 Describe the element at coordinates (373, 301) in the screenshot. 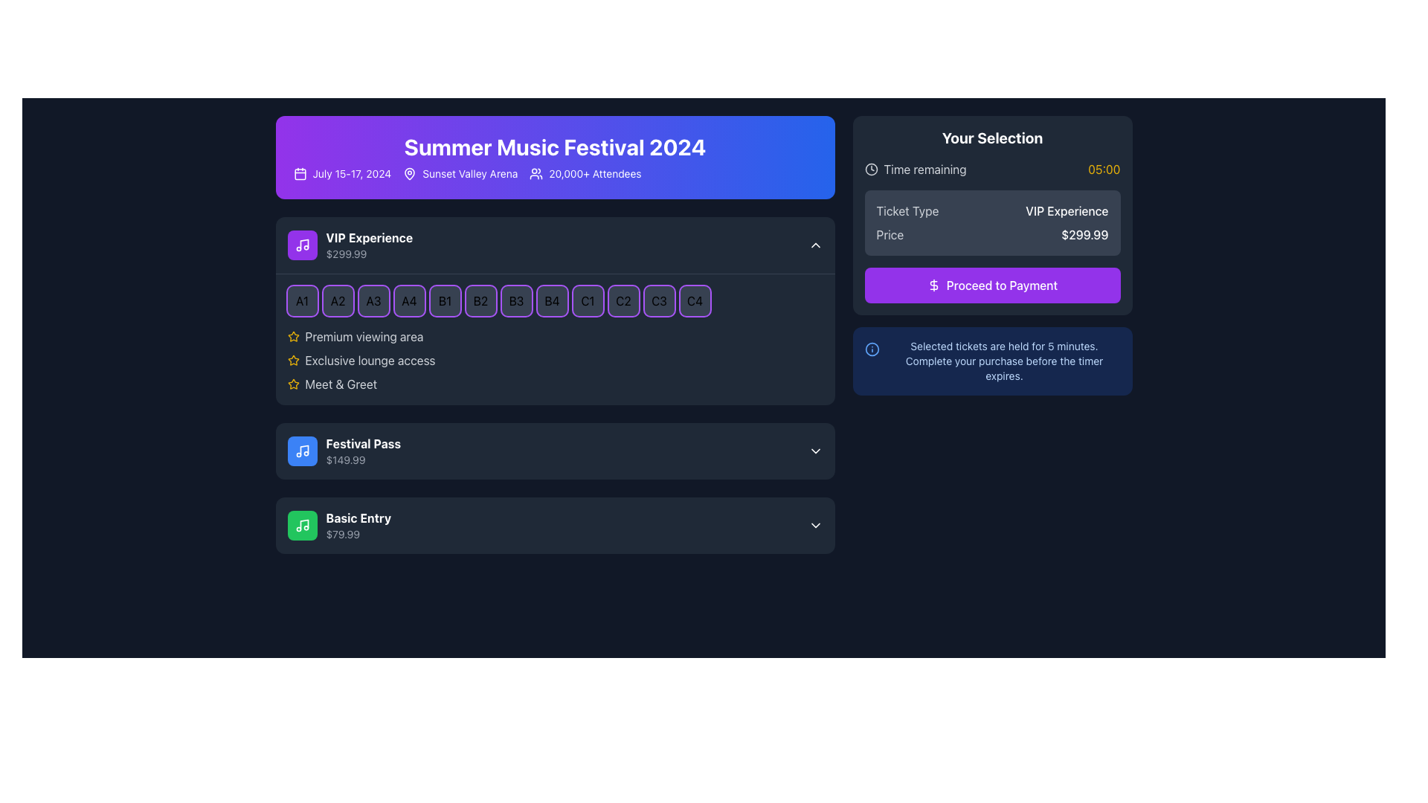

I see `the square button labeled 'A3' with a dark gray background and a purple border` at that location.